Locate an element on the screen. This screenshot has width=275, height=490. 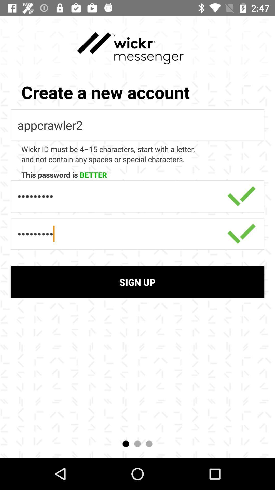
icon below create a new icon is located at coordinates (137, 125).